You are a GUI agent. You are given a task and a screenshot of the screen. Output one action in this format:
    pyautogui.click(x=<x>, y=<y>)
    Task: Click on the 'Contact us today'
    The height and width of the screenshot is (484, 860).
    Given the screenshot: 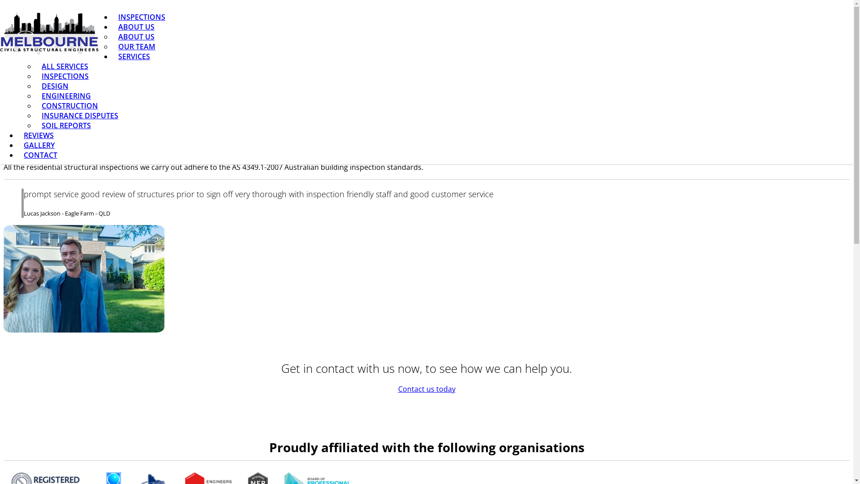 What is the action you would take?
    pyautogui.click(x=397, y=388)
    